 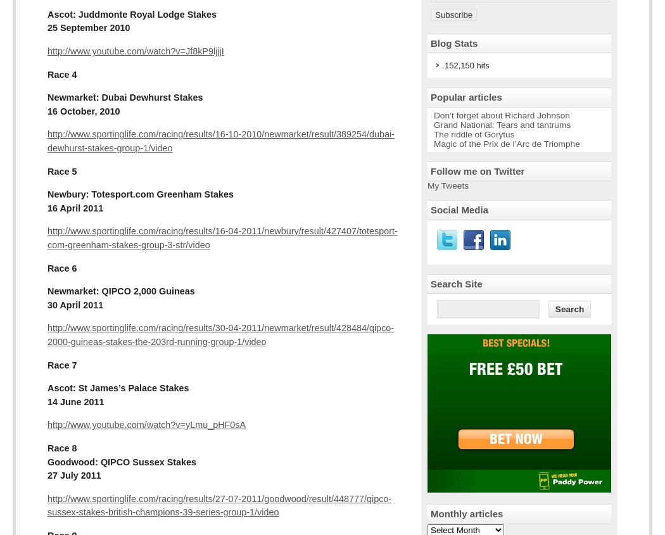 What do you see at coordinates (465, 97) in the screenshot?
I see `'Popular articles'` at bounding box center [465, 97].